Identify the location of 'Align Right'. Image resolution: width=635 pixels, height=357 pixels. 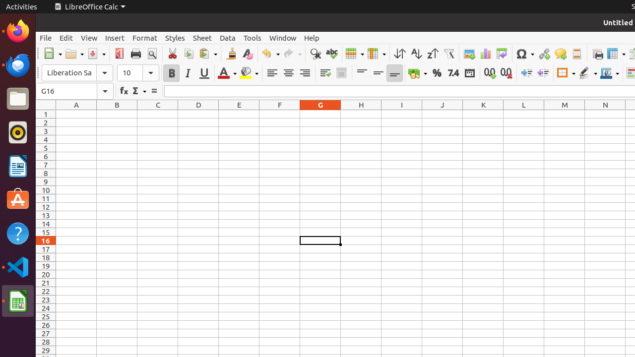
(304, 72).